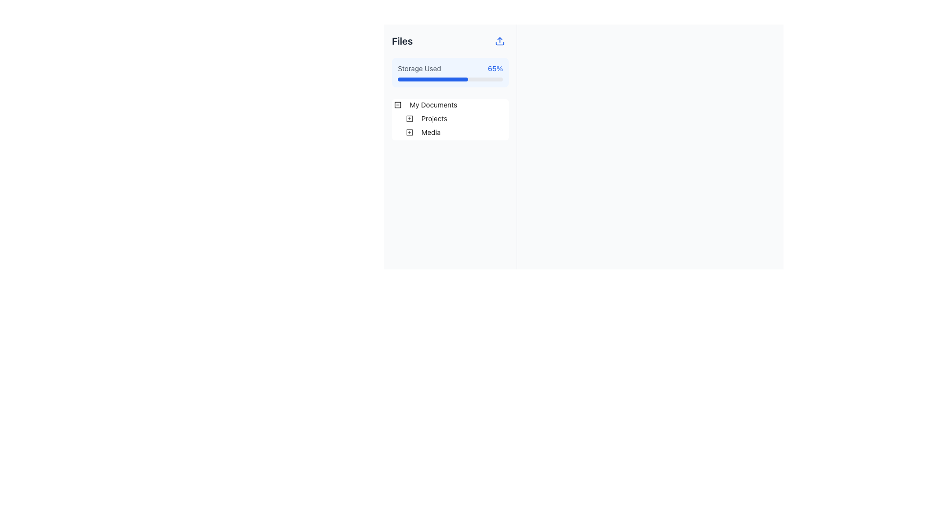 Image resolution: width=942 pixels, height=530 pixels. I want to click on the Interactive expander icon, so click(410, 118).